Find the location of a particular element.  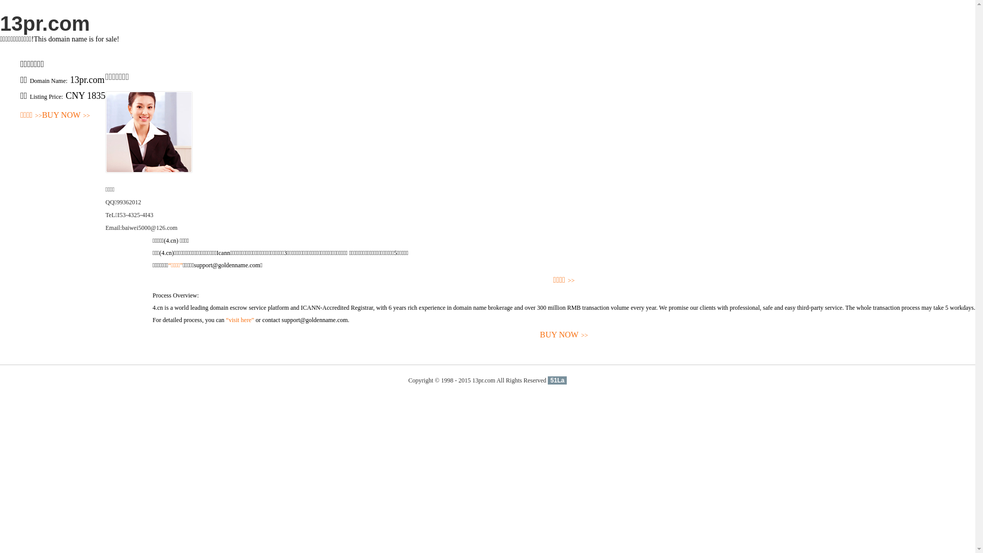

'51La' is located at coordinates (557, 380).